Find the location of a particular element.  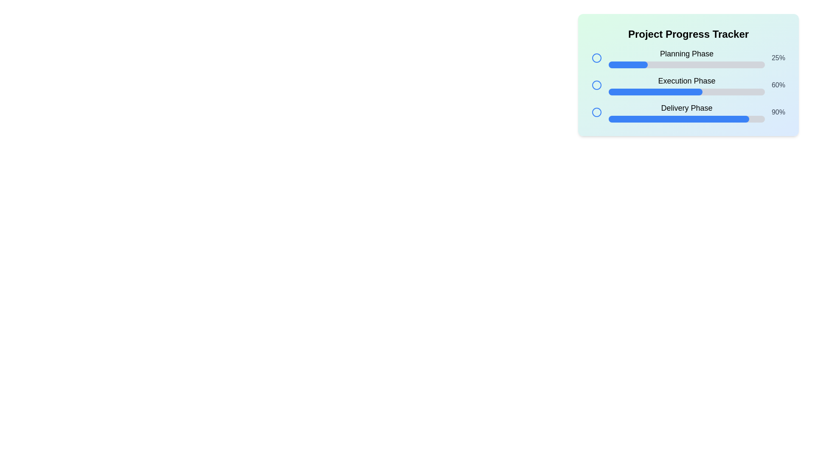

the inner progress bar segment representing 60% of the 'Execution Phase' in the tracker is located at coordinates (655, 92).